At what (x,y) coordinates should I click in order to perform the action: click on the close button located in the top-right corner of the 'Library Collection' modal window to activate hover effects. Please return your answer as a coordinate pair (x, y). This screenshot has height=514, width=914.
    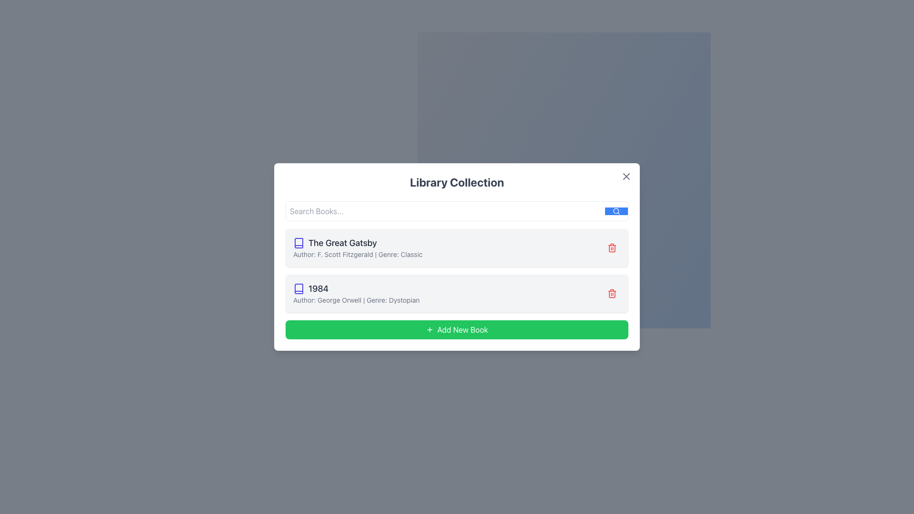
    Looking at the image, I should click on (626, 176).